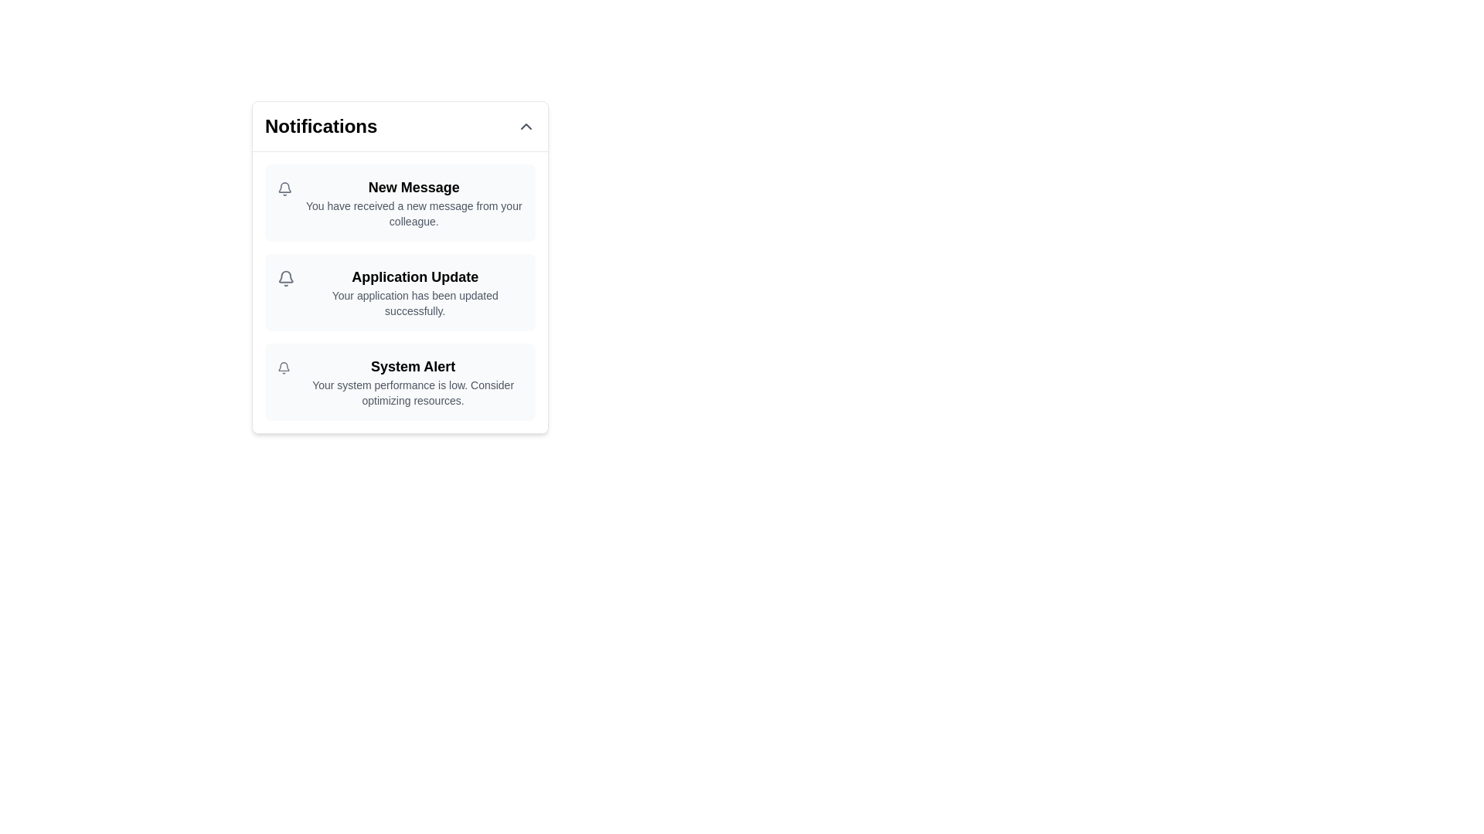 The image size is (1484, 834). Describe the element at coordinates (286, 279) in the screenshot. I see `the bell icon representing notifications in the 'Application Update' notification, which is the second in the list of notifications` at that location.